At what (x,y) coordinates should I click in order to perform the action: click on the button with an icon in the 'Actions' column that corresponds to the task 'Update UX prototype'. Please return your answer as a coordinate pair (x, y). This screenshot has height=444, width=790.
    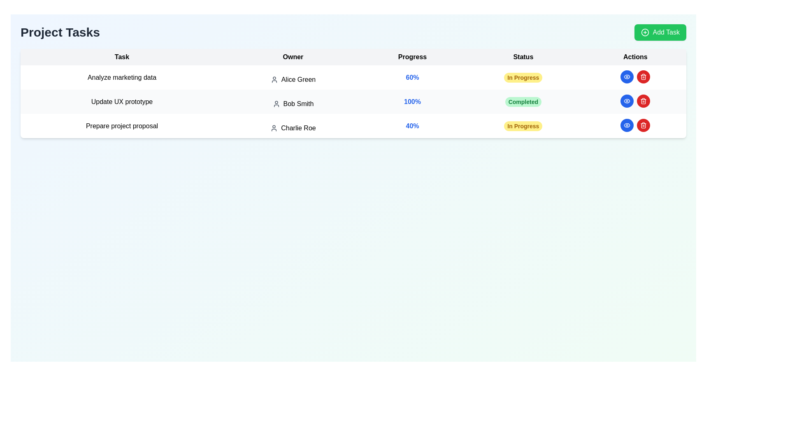
    Looking at the image, I should click on (627, 125).